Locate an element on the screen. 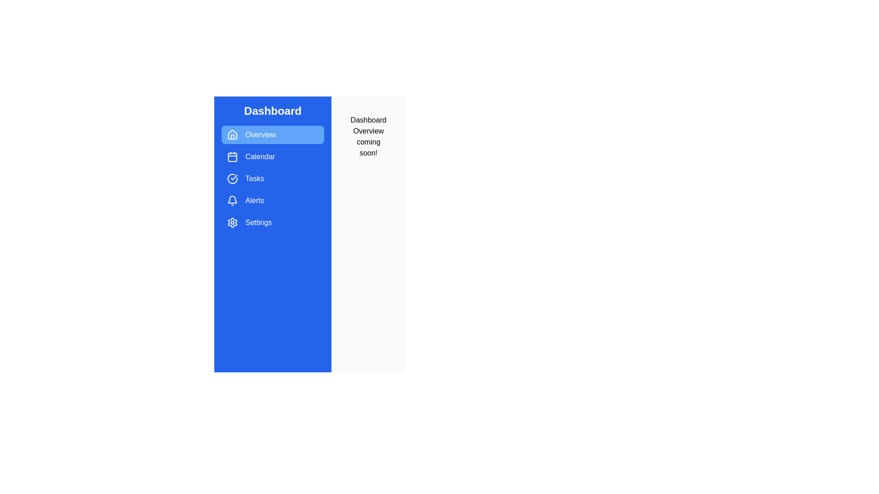 This screenshot has width=879, height=494. the calendar navigation button located in the vertical navigation menu, positioned between the 'Overview' and 'Tasks' buttons is located at coordinates (272, 156).